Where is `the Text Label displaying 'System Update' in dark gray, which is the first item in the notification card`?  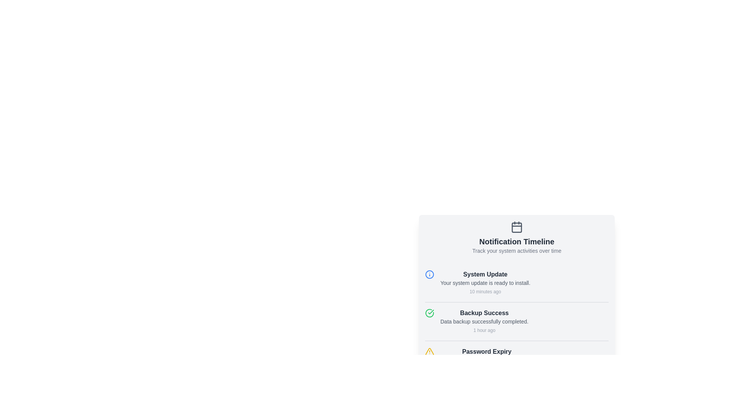
the Text Label displaying 'System Update' in dark gray, which is the first item in the notification card is located at coordinates (485, 274).